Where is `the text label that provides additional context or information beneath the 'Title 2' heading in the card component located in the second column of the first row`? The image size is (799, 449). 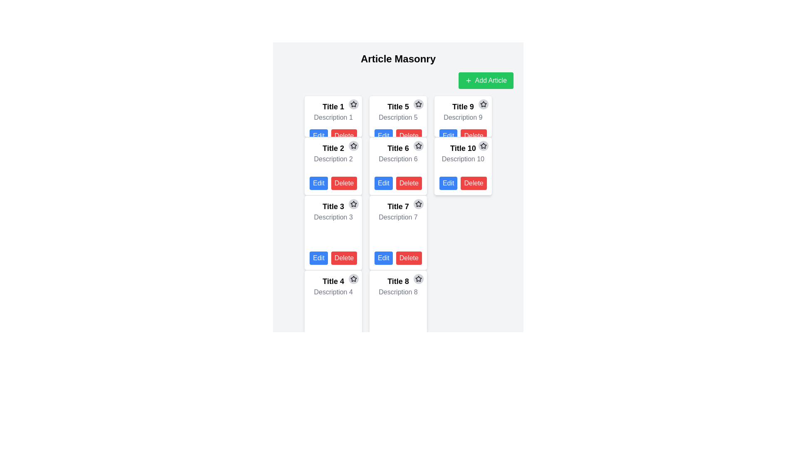
the text label that provides additional context or information beneath the 'Title 2' heading in the card component located in the second column of the first row is located at coordinates (333, 162).